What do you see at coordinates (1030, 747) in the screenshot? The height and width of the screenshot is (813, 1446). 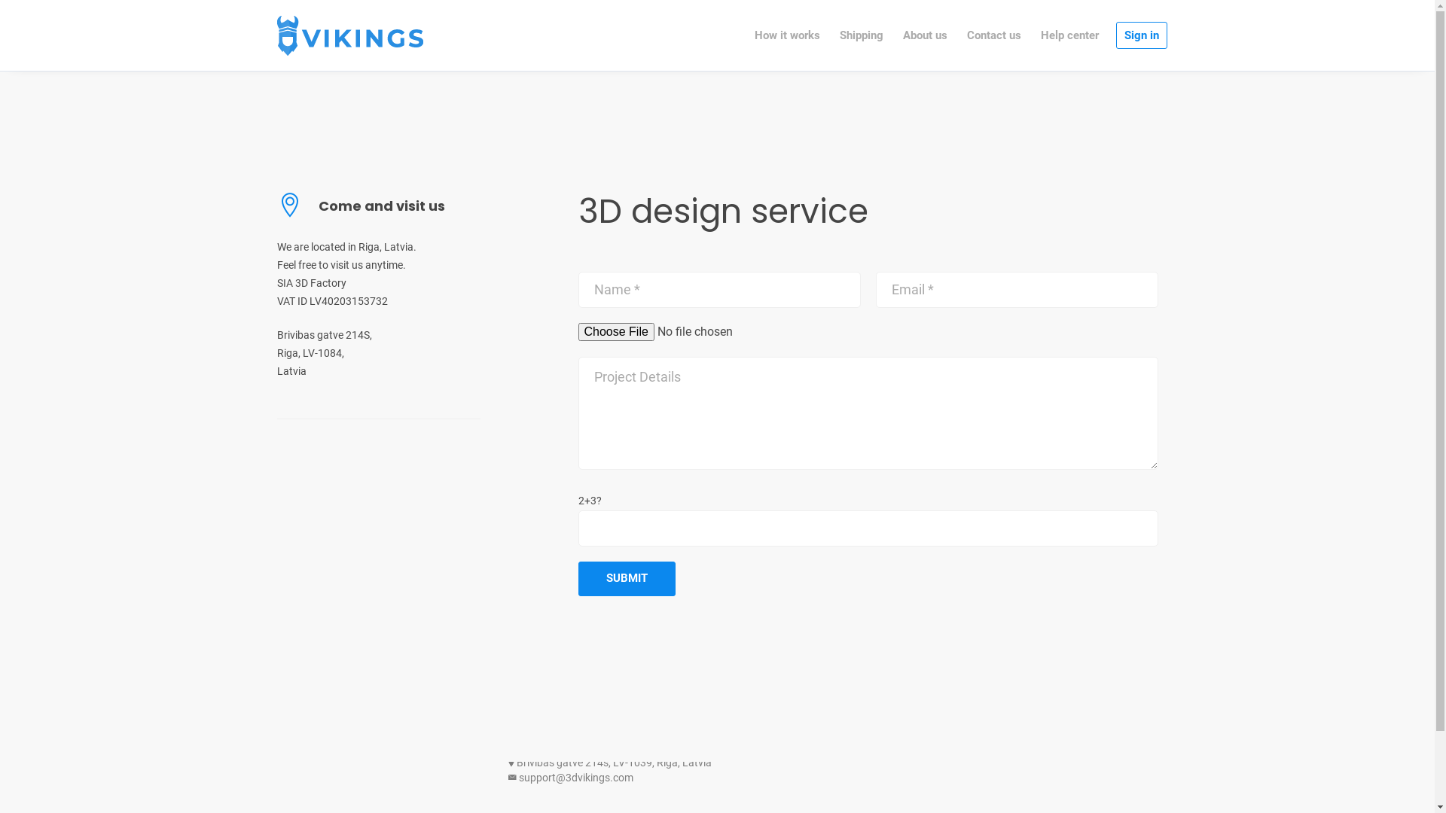 I see `'Privacy Policy'` at bounding box center [1030, 747].